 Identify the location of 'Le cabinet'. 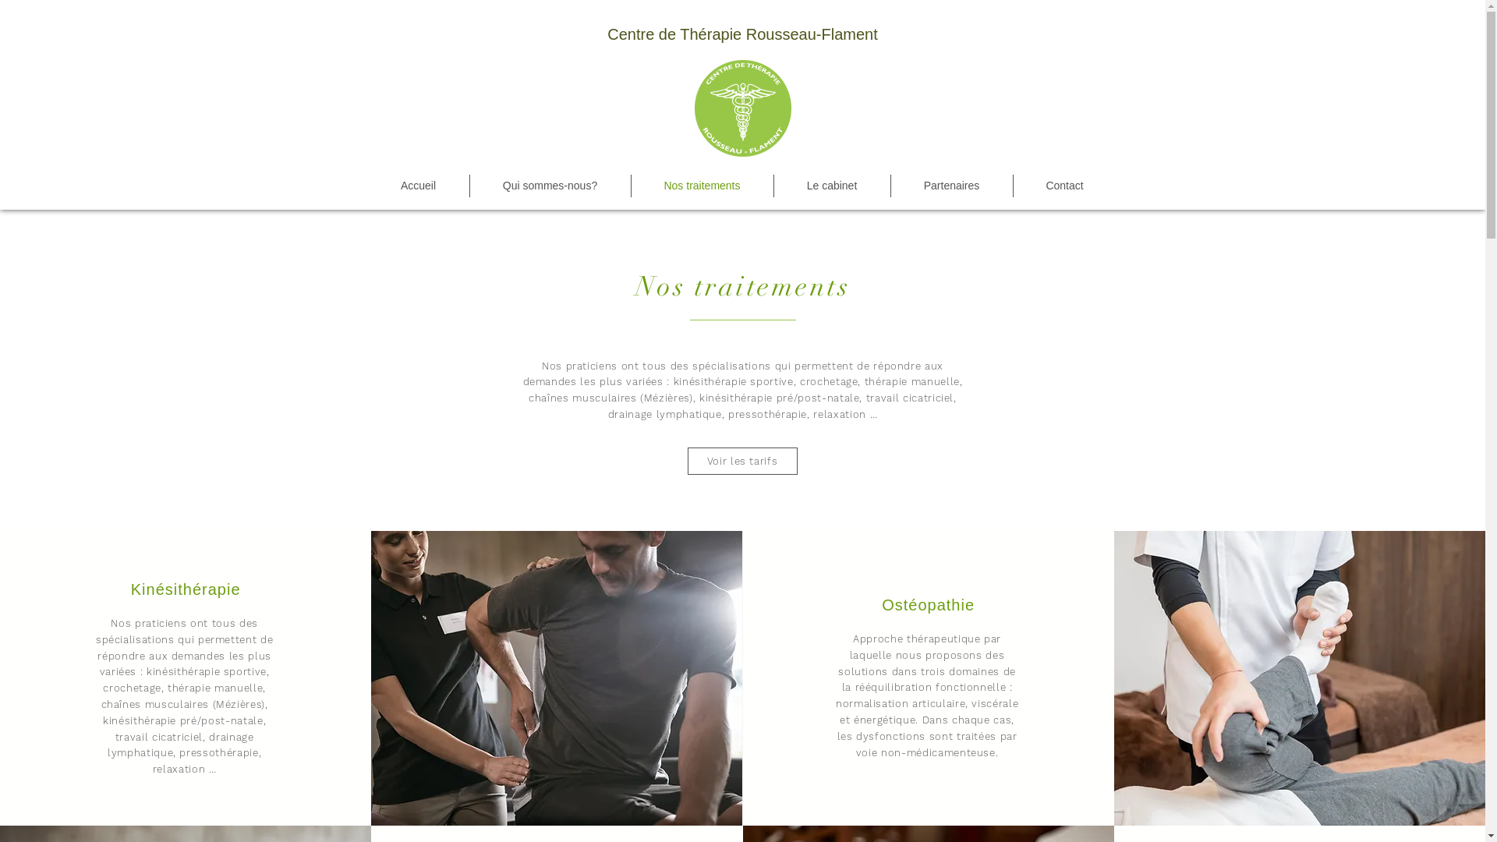
(830, 185).